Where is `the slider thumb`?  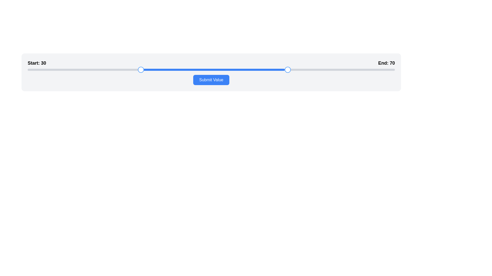
the slider thumb is located at coordinates (166, 70).